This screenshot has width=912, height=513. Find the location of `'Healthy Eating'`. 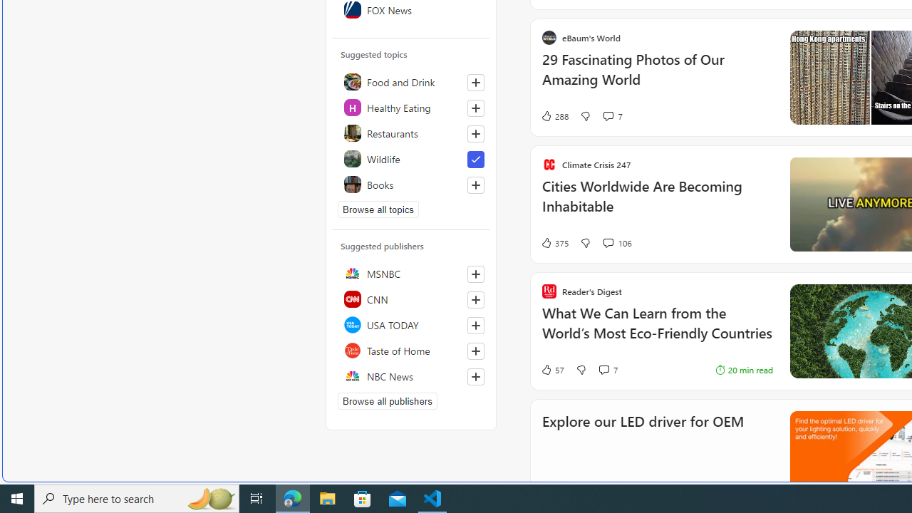

'Healthy Eating' is located at coordinates (410, 106).